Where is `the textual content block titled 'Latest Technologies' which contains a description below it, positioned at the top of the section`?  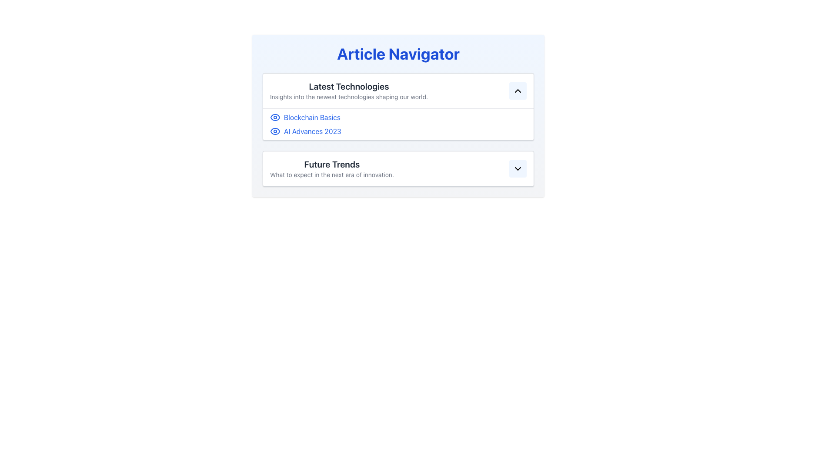 the textual content block titled 'Latest Technologies' which contains a description below it, positioned at the top of the section is located at coordinates (349, 91).